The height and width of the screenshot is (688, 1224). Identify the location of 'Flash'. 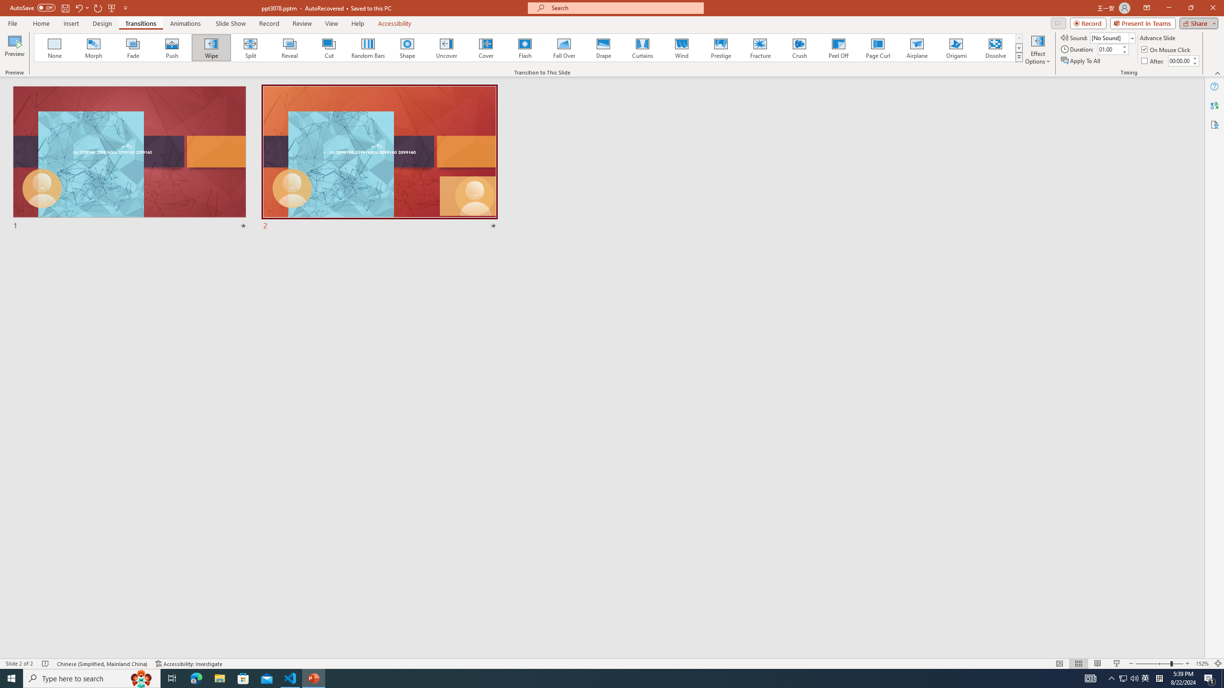
(525, 47).